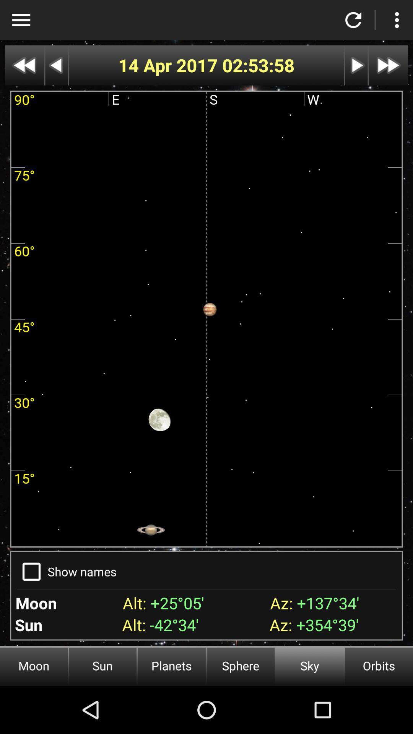 Image resolution: width=413 pixels, height=734 pixels. Describe the element at coordinates (24, 65) in the screenshot. I see `the av_rewind icon` at that location.